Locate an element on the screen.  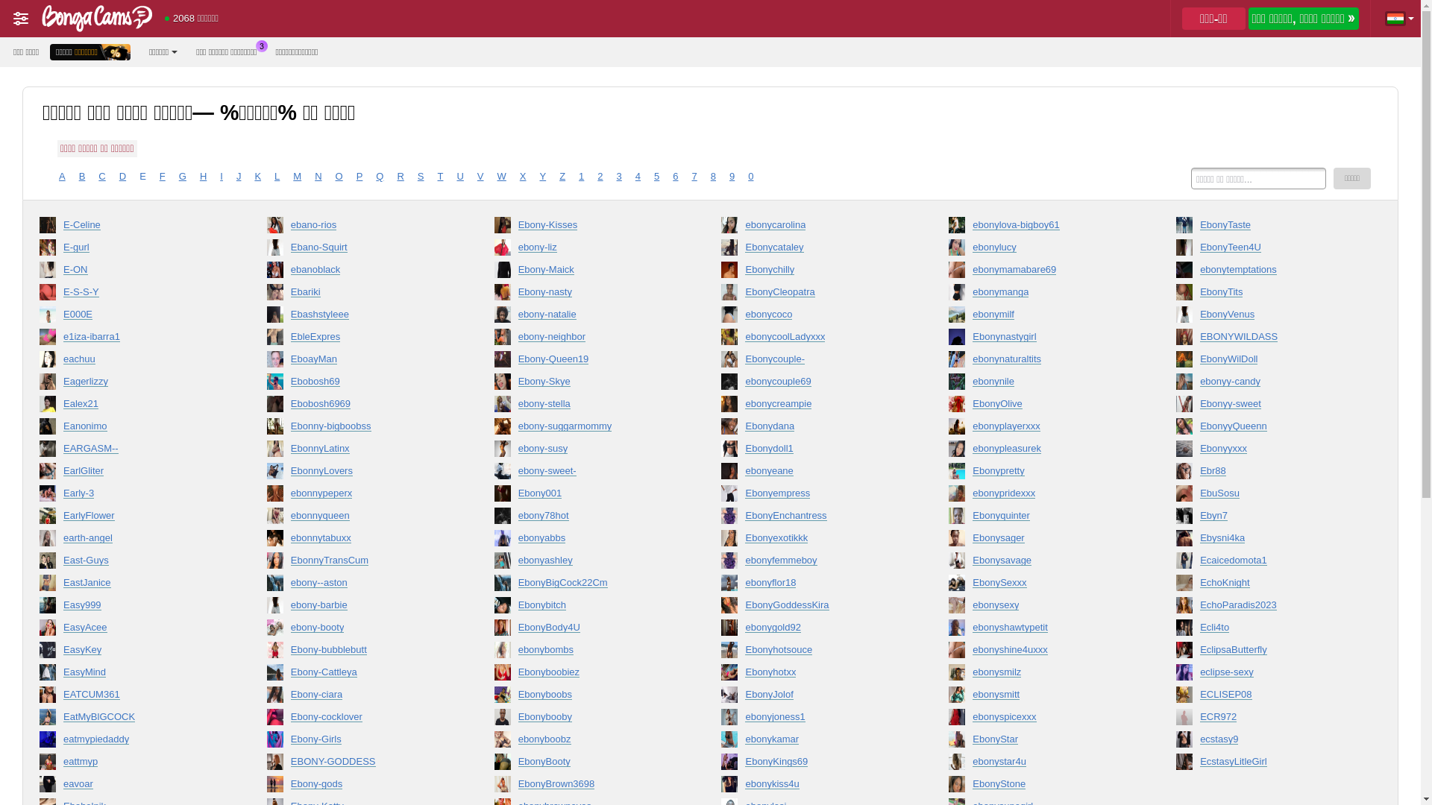
'ebonybombs' is located at coordinates (586, 651).